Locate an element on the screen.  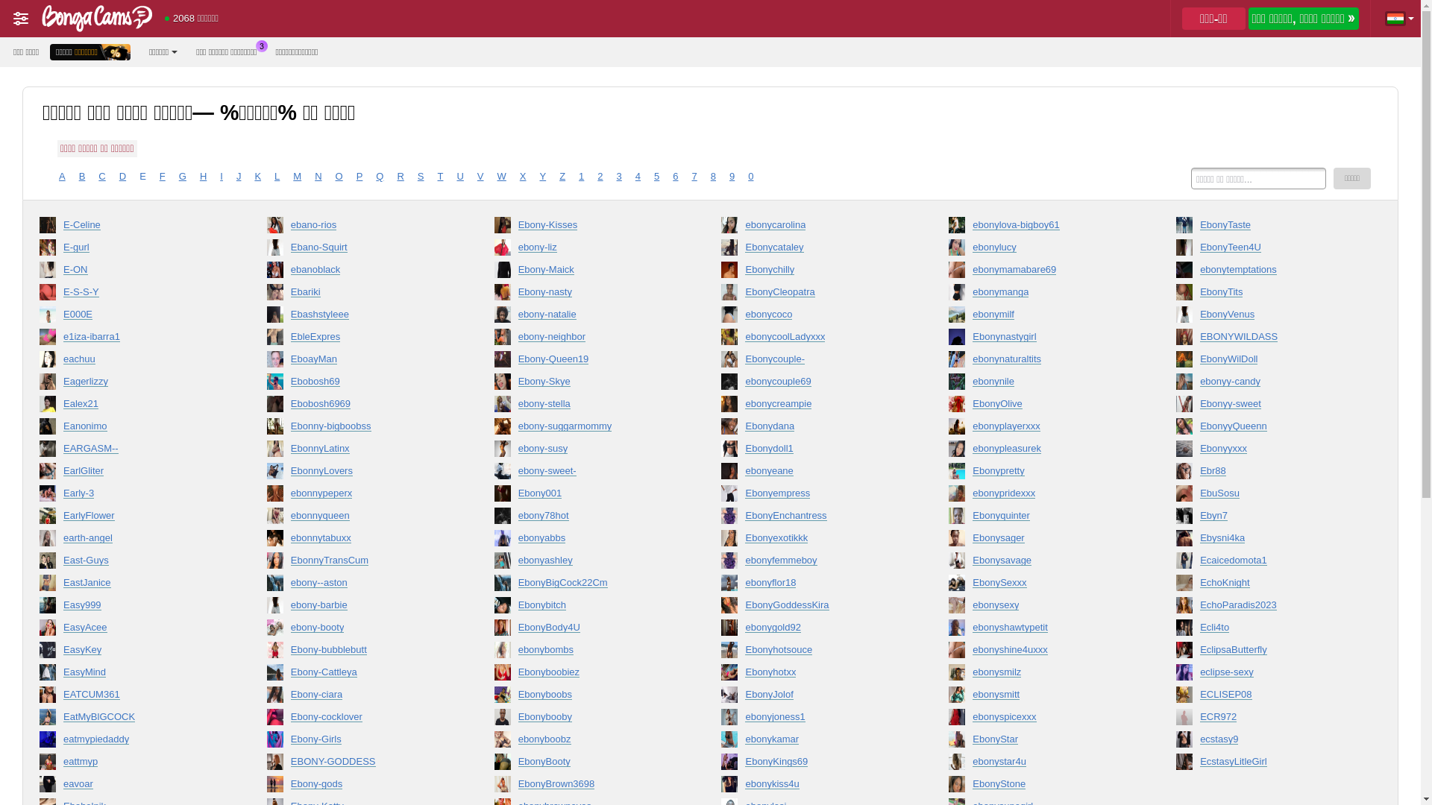
'ebonybombs' is located at coordinates (586, 651).